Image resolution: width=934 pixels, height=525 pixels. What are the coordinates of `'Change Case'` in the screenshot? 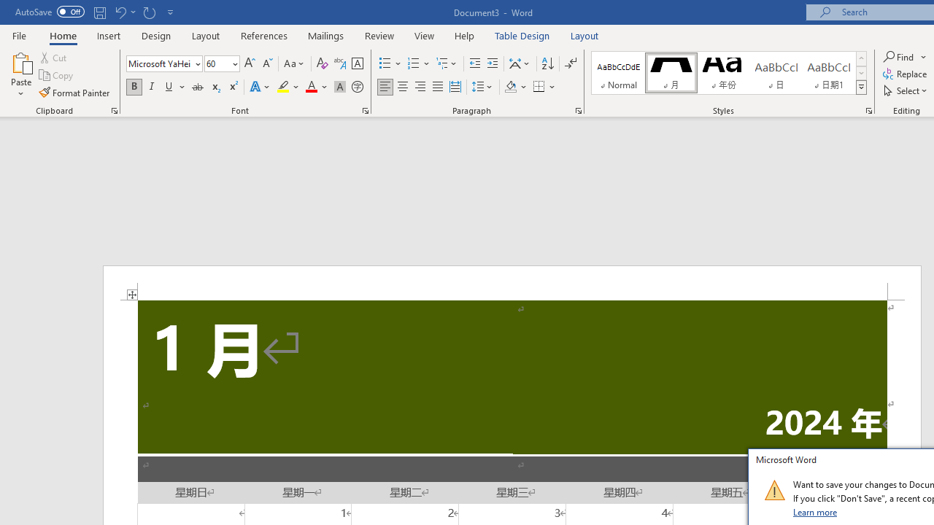 It's located at (294, 63).